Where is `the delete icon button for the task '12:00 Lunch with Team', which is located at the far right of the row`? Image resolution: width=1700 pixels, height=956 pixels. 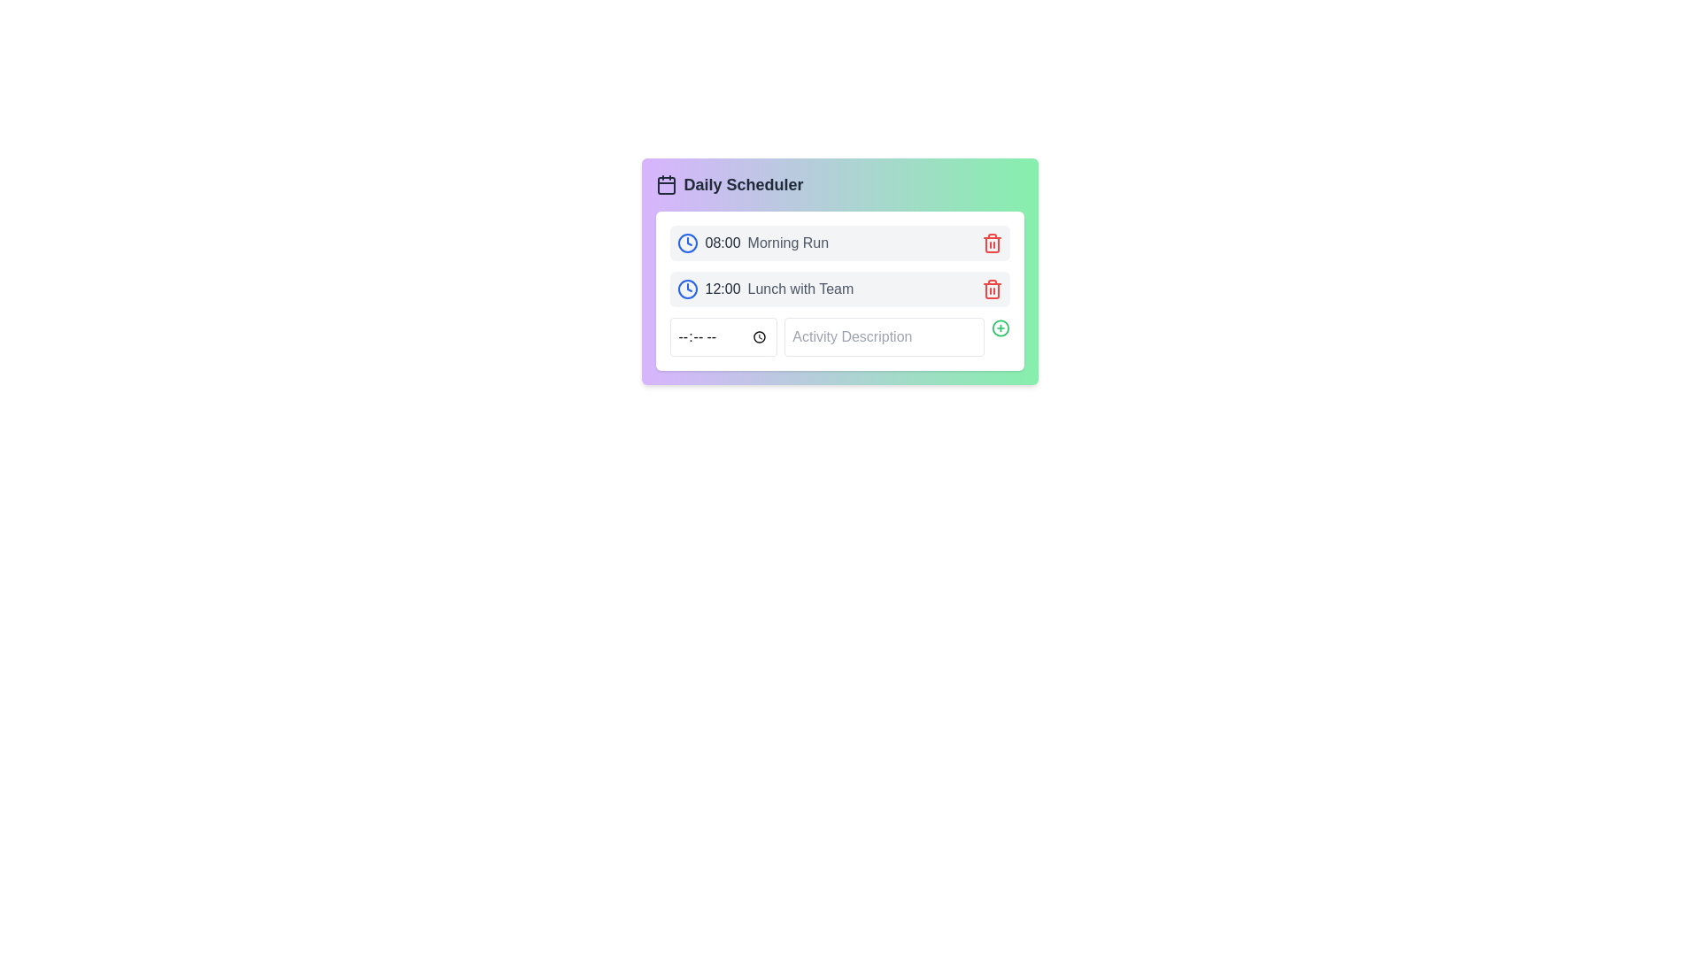
the delete icon button for the task '12:00 Lunch with Team', which is located at the far right of the row is located at coordinates (992, 289).